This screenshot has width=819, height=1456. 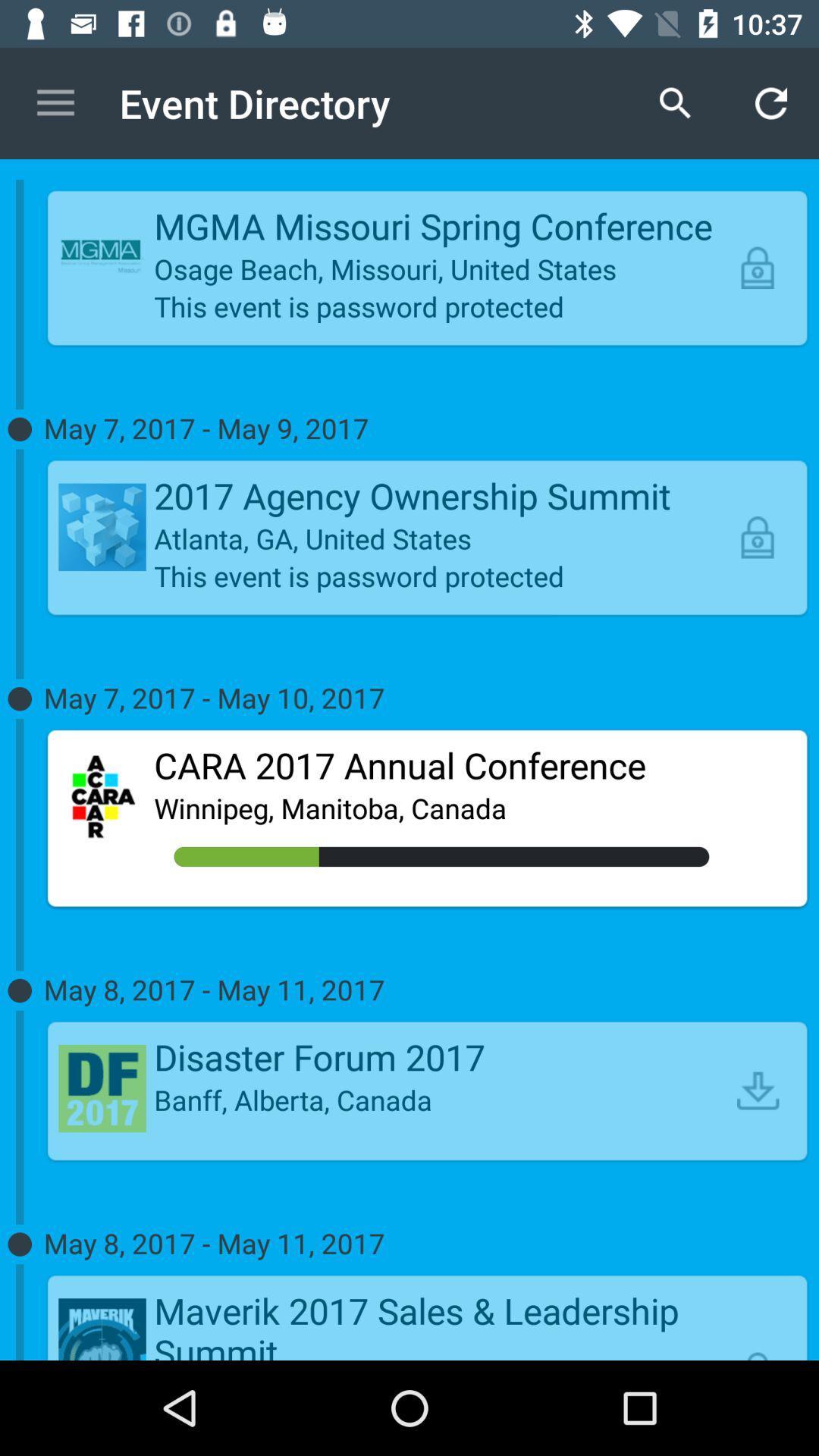 I want to click on the maverik 2017 sales icon, so click(x=441, y=1323).